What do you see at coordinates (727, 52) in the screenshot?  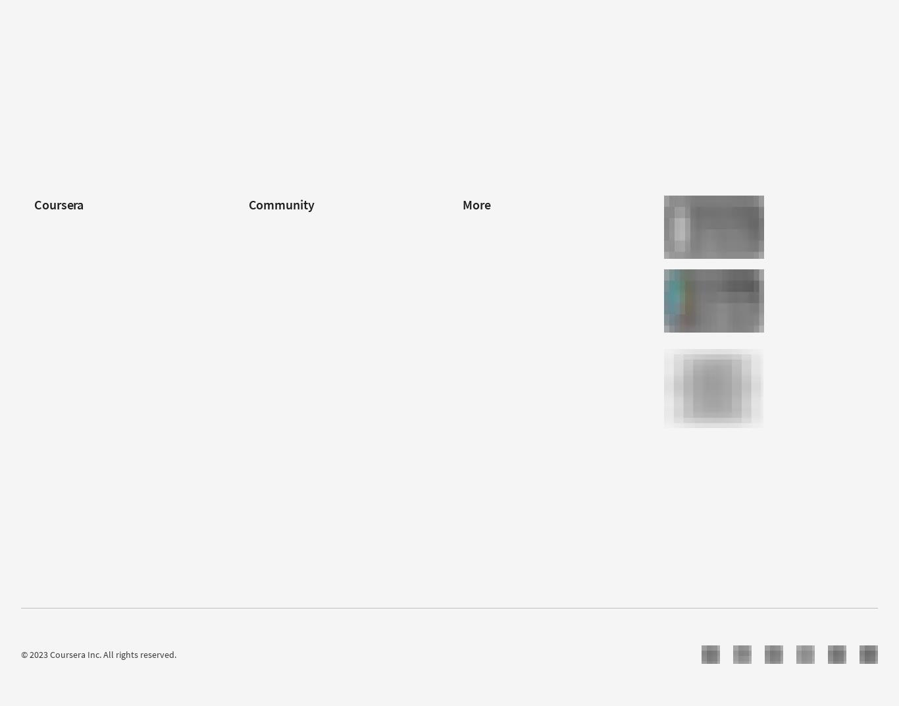 I see `'Popular SQL Certifications'` at bounding box center [727, 52].